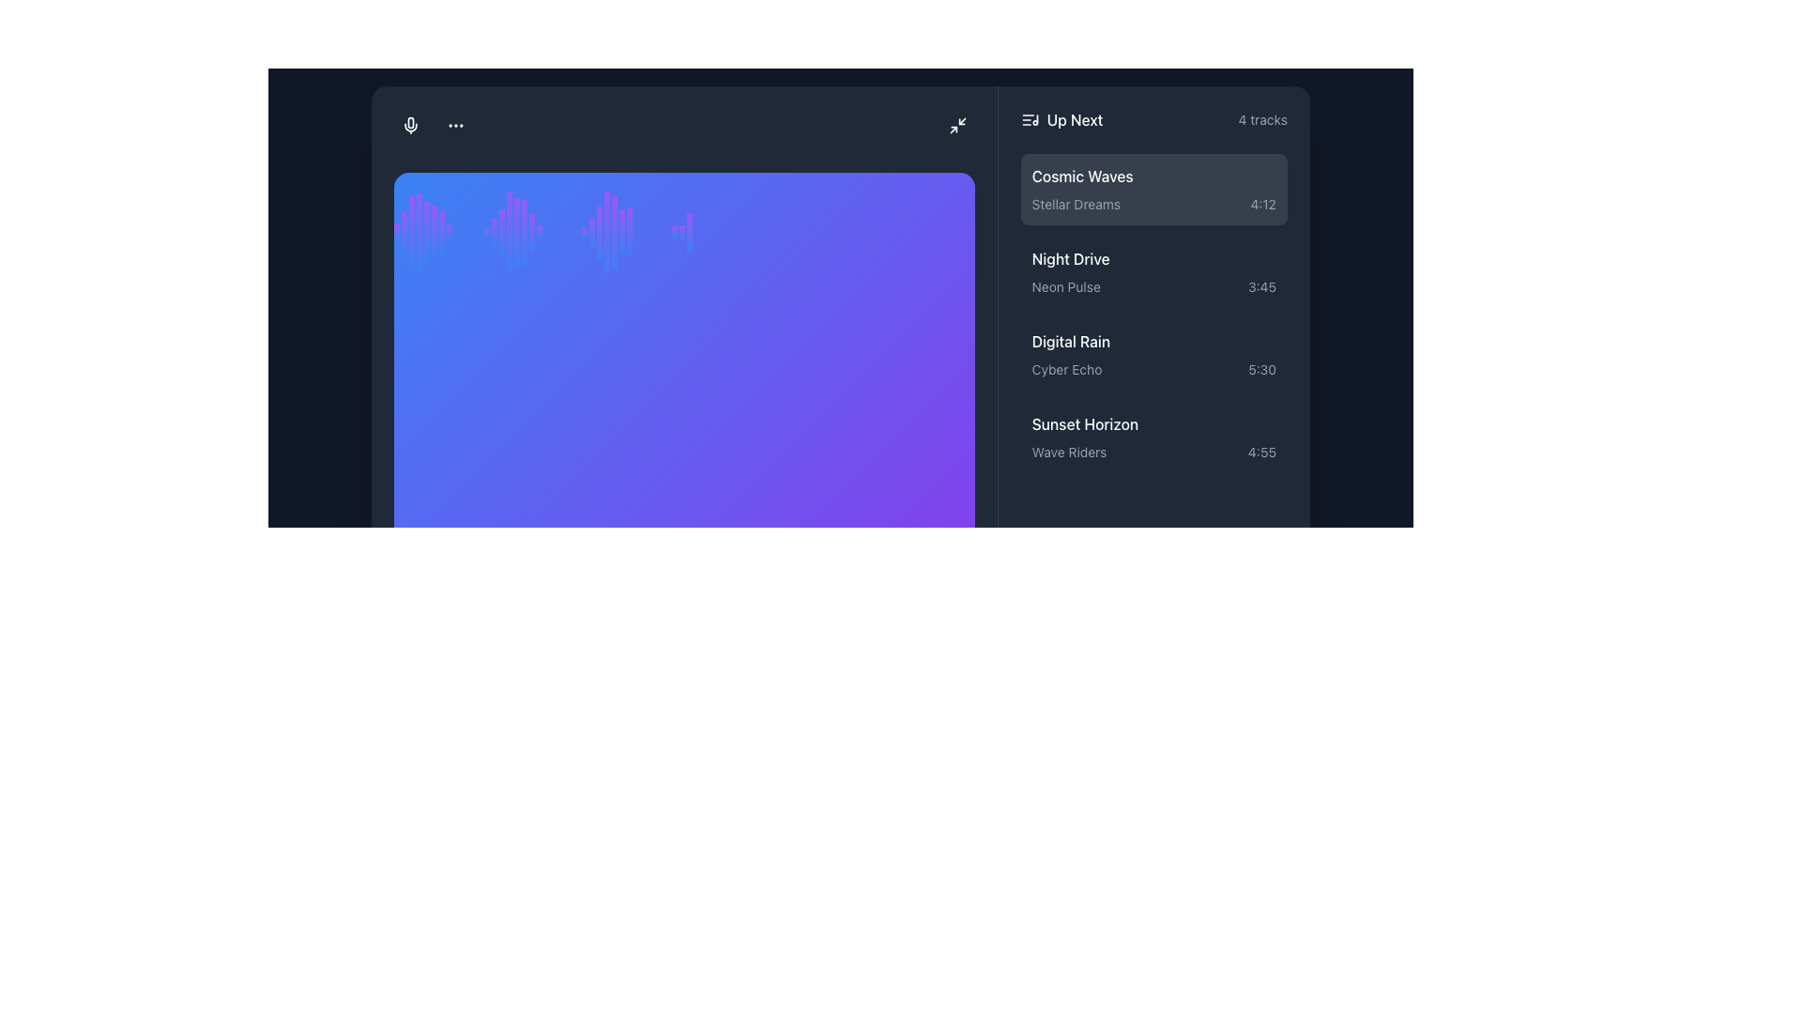 The height and width of the screenshot is (1014, 1802). I want to click on the minimize or resize button located at the top right of the interface, which is the last button in its grouping among other controls, so click(957, 125).